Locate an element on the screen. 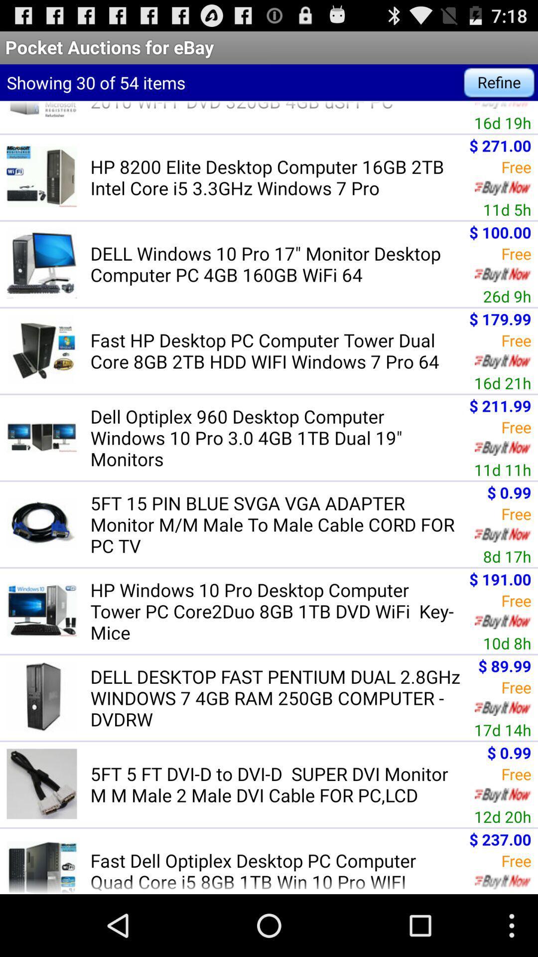  item to the right of showing 30 of is located at coordinates (499, 82).